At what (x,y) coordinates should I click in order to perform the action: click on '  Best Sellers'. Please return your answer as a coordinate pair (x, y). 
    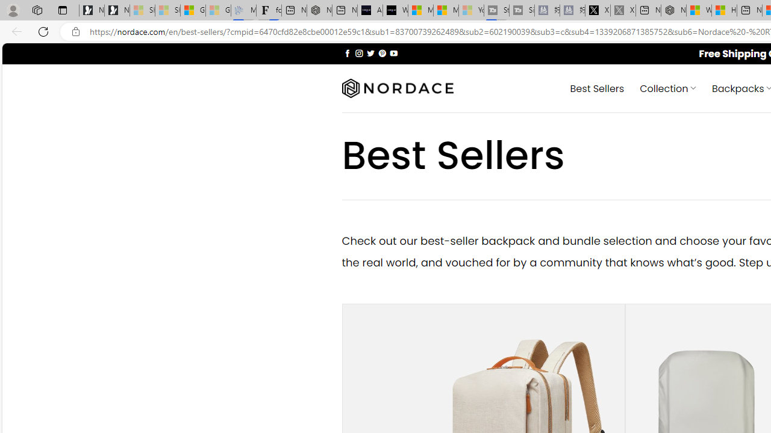
    Looking at the image, I should click on (597, 87).